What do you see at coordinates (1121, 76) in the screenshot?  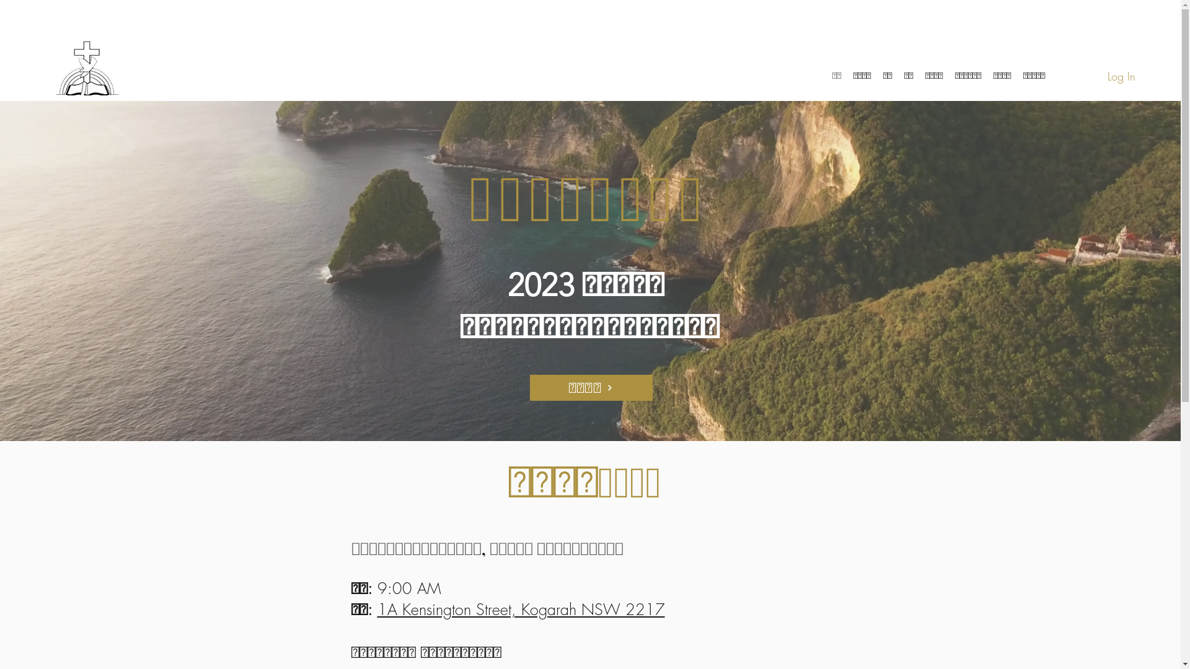 I see `'Log In'` at bounding box center [1121, 76].